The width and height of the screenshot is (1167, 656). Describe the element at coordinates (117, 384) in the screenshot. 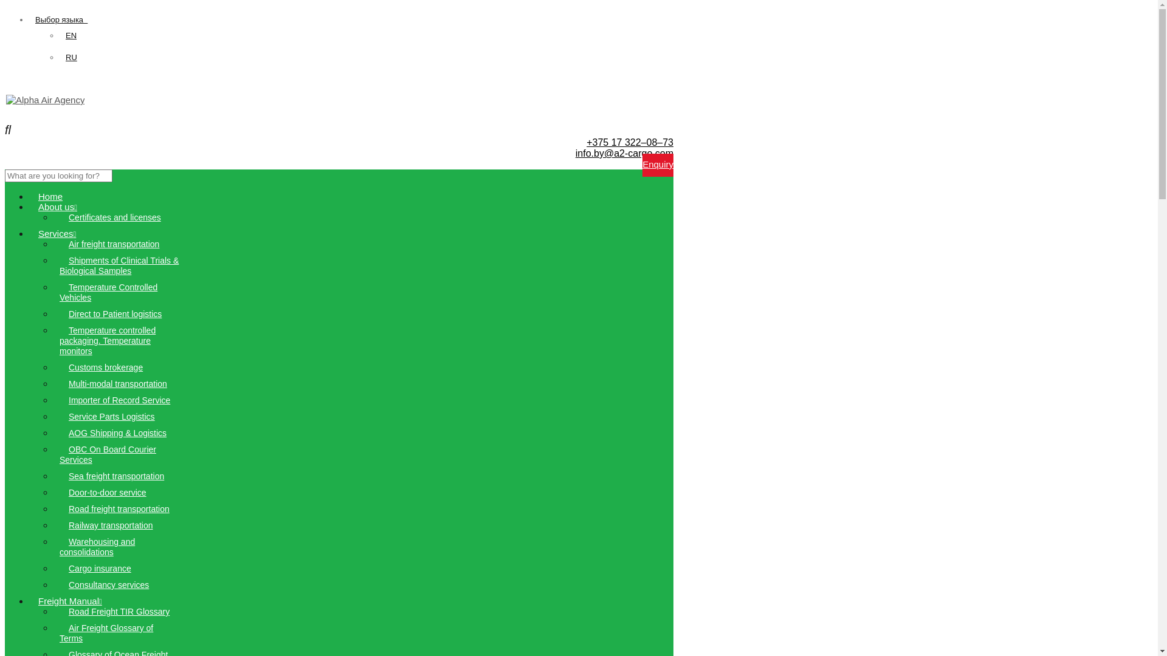

I see `'Multi-modal transportation'` at that location.